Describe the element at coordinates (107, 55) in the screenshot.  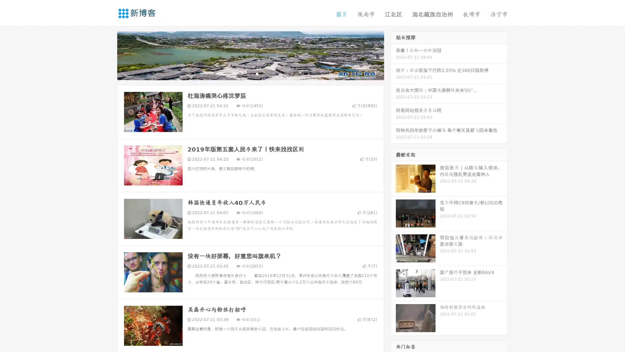
I see `Previous slide` at that location.